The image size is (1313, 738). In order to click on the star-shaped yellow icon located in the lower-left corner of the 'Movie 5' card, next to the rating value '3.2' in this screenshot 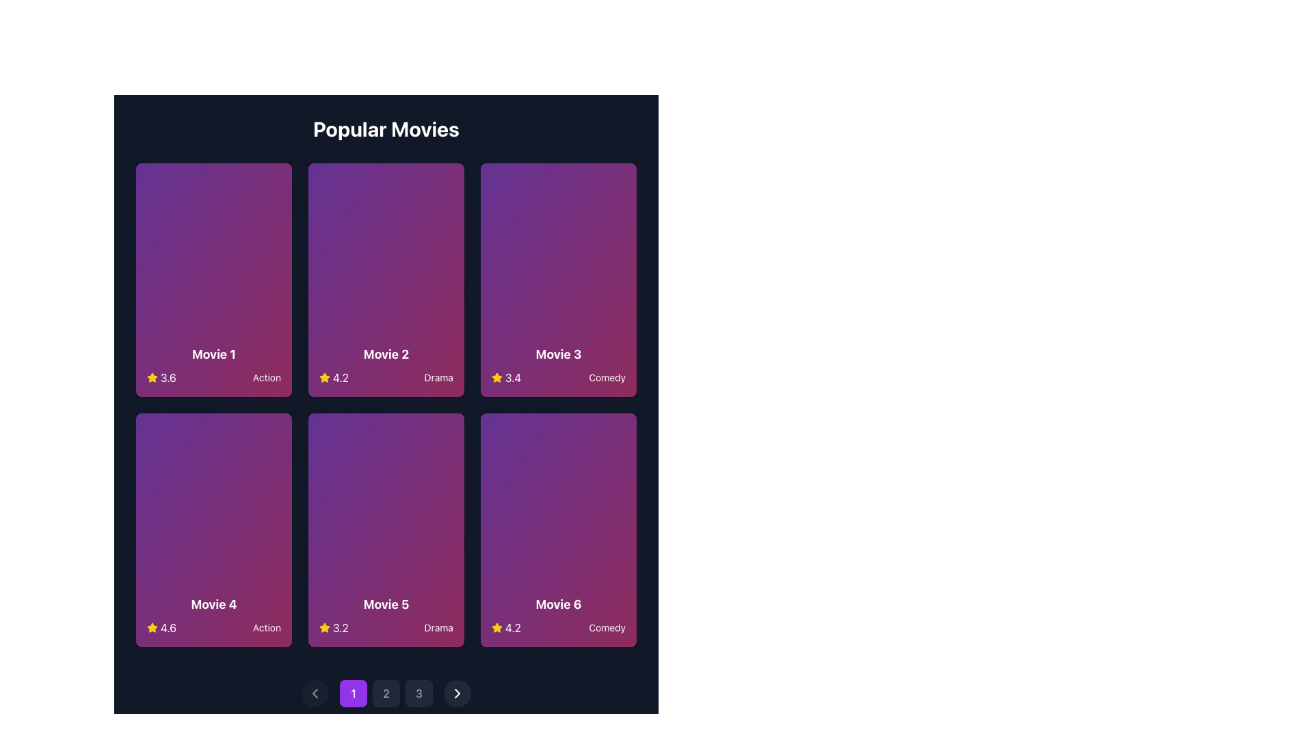, I will do `click(324, 377)`.